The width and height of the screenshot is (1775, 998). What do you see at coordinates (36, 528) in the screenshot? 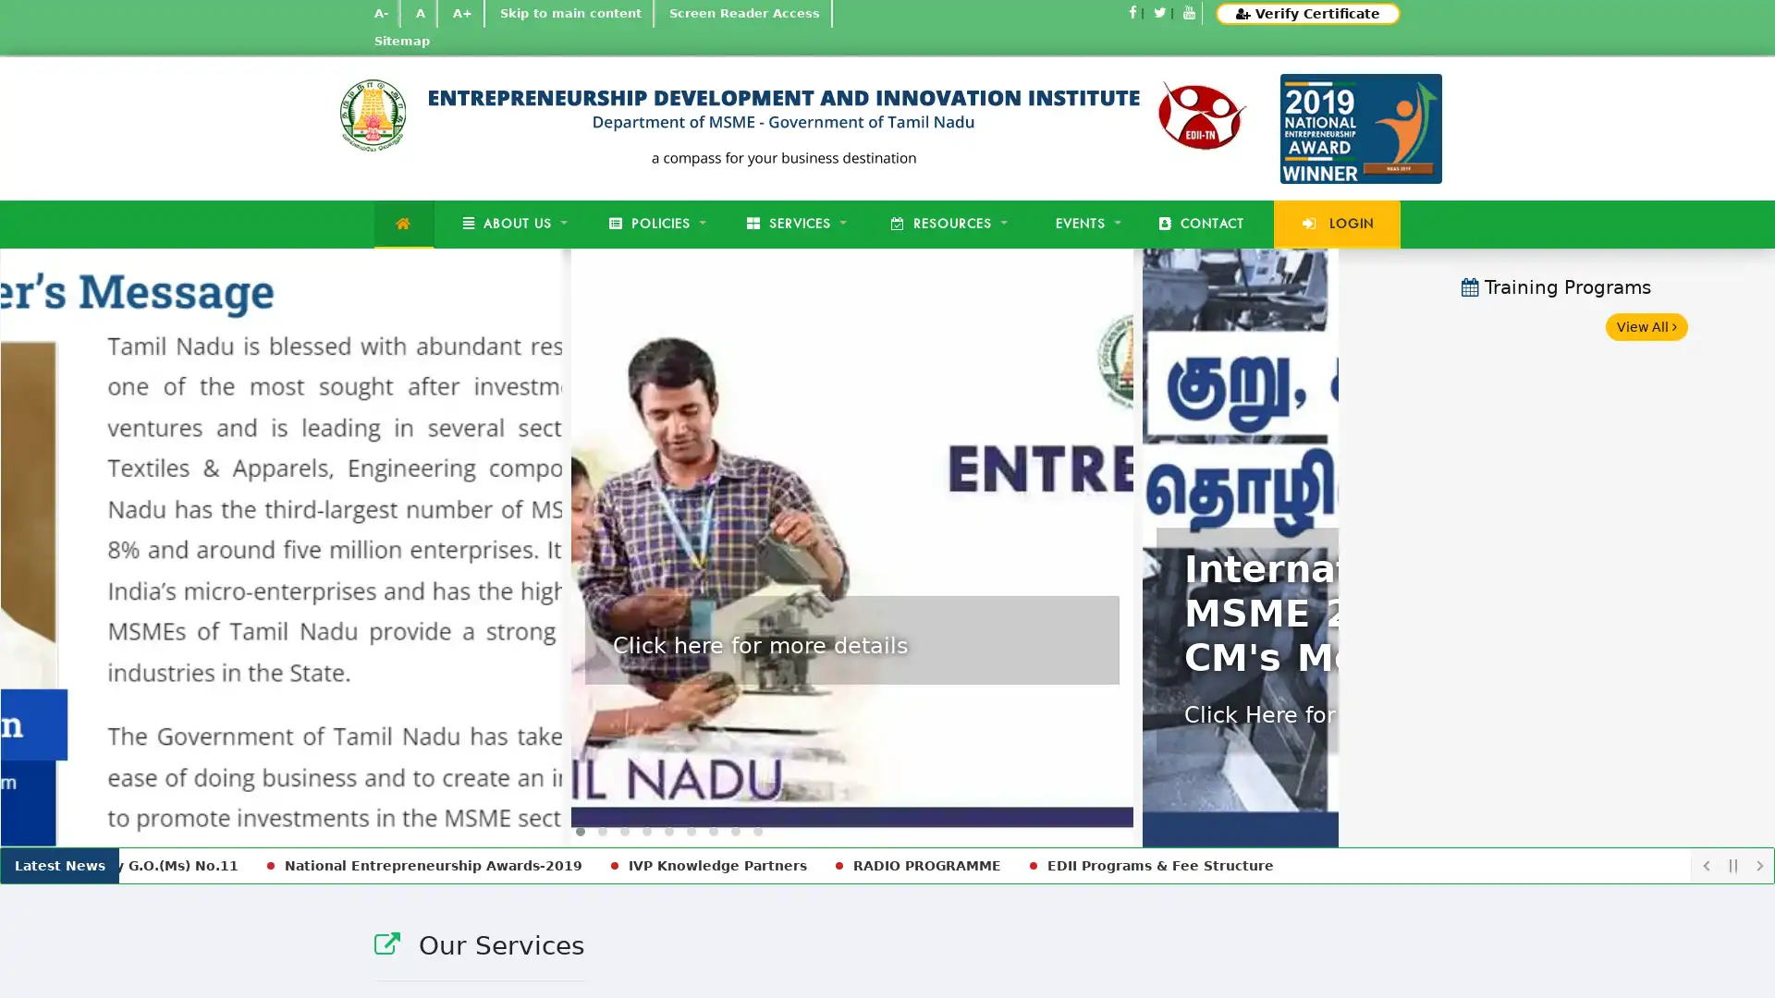
I see `Previous` at bounding box center [36, 528].